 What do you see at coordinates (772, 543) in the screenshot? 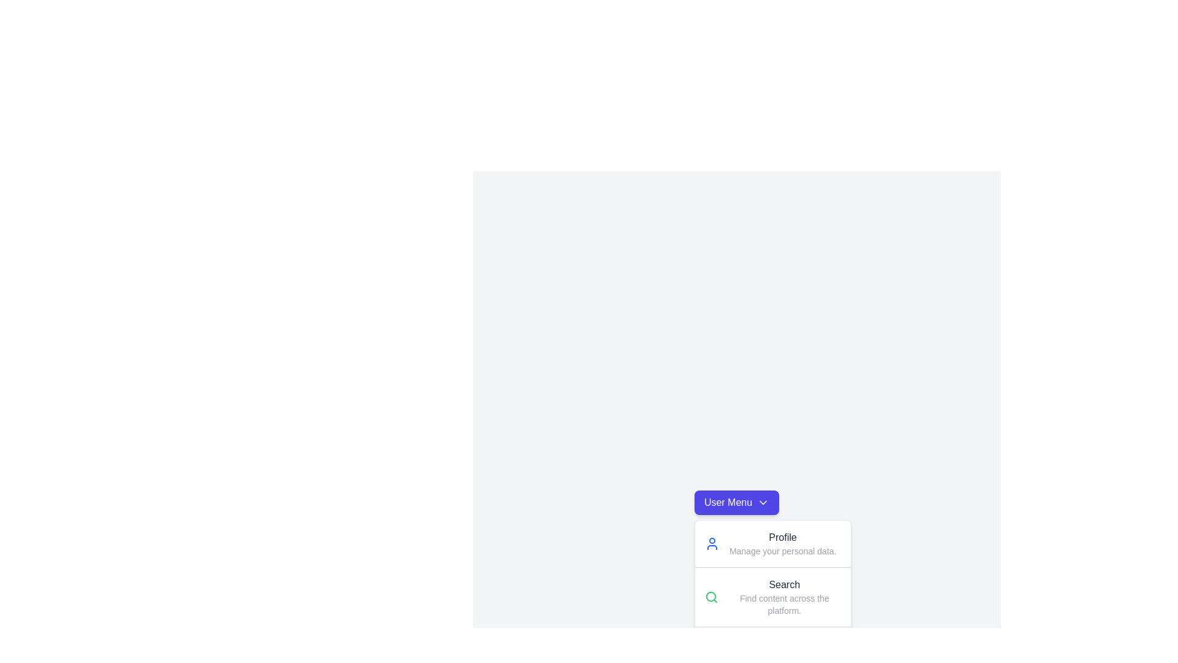
I see `the first item in the dropdown menu under the 'User Menu'` at bounding box center [772, 543].